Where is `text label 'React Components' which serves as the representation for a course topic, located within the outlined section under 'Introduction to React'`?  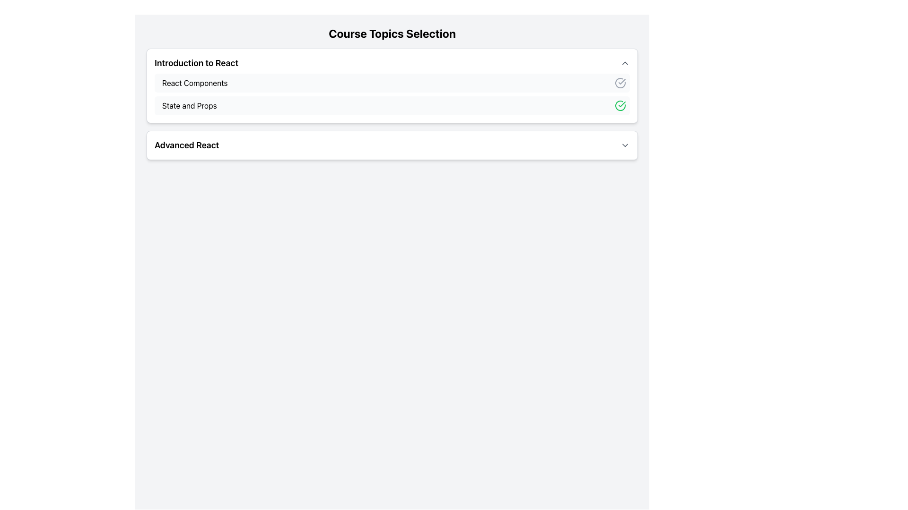 text label 'React Components' which serves as the representation for a course topic, located within the outlined section under 'Introduction to React' is located at coordinates (194, 83).